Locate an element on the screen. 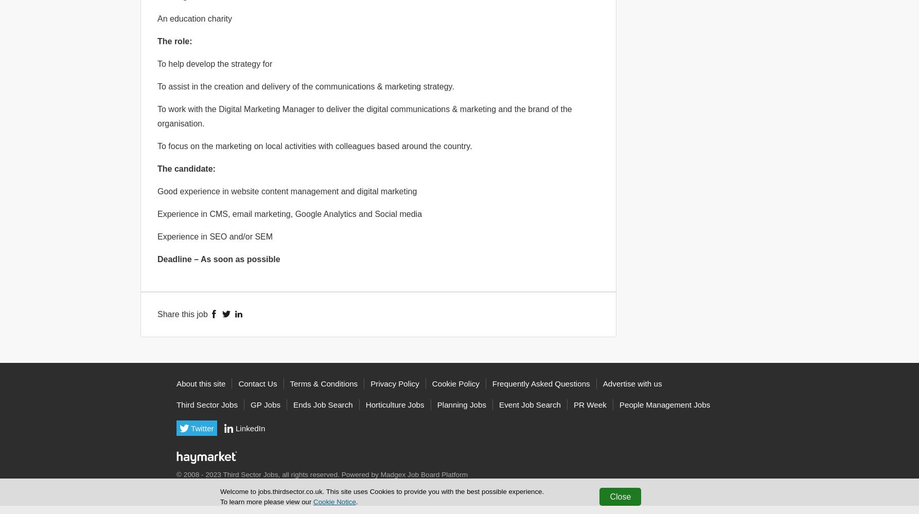 The image size is (919, 514). 'To work with the Digital Marketing Manager to deliver the digital communications & marketing and the brand of the organisation.' is located at coordinates (364, 115).